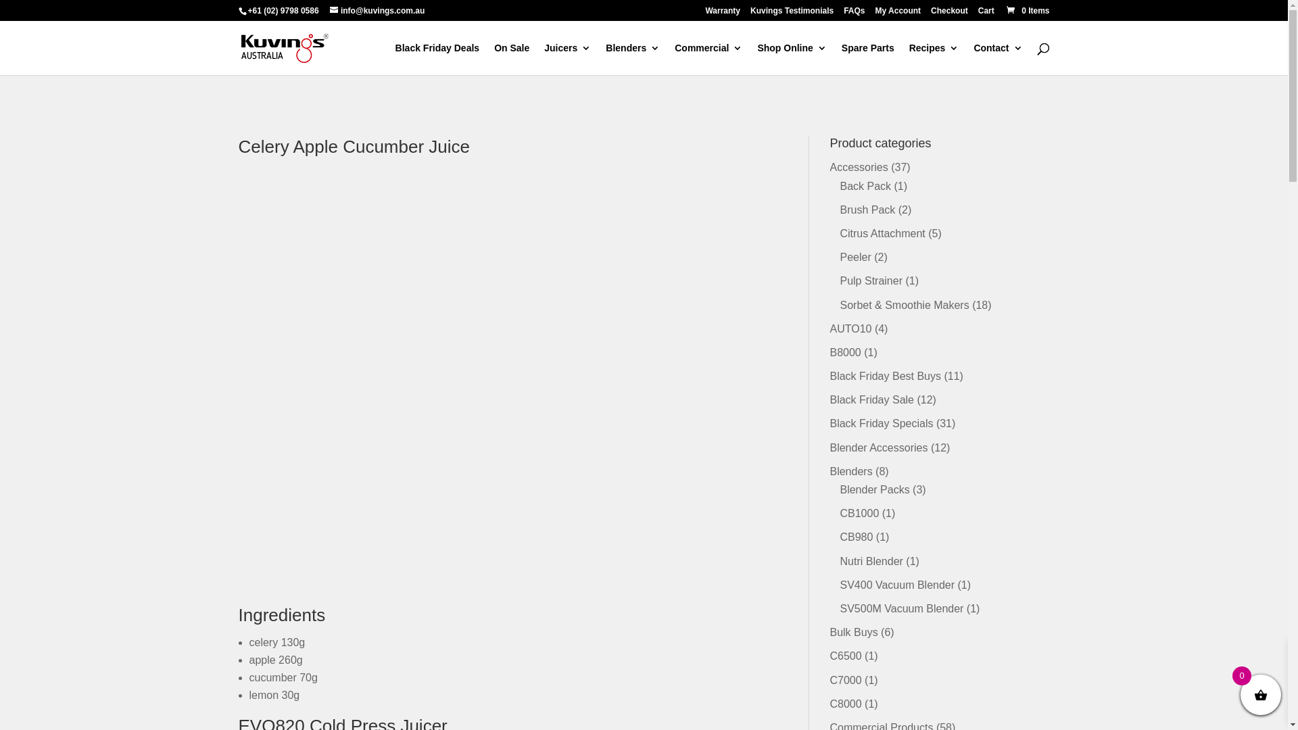 This screenshot has height=730, width=1298. Describe the element at coordinates (855, 257) in the screenshot. I see `'Peeler'` at that location.